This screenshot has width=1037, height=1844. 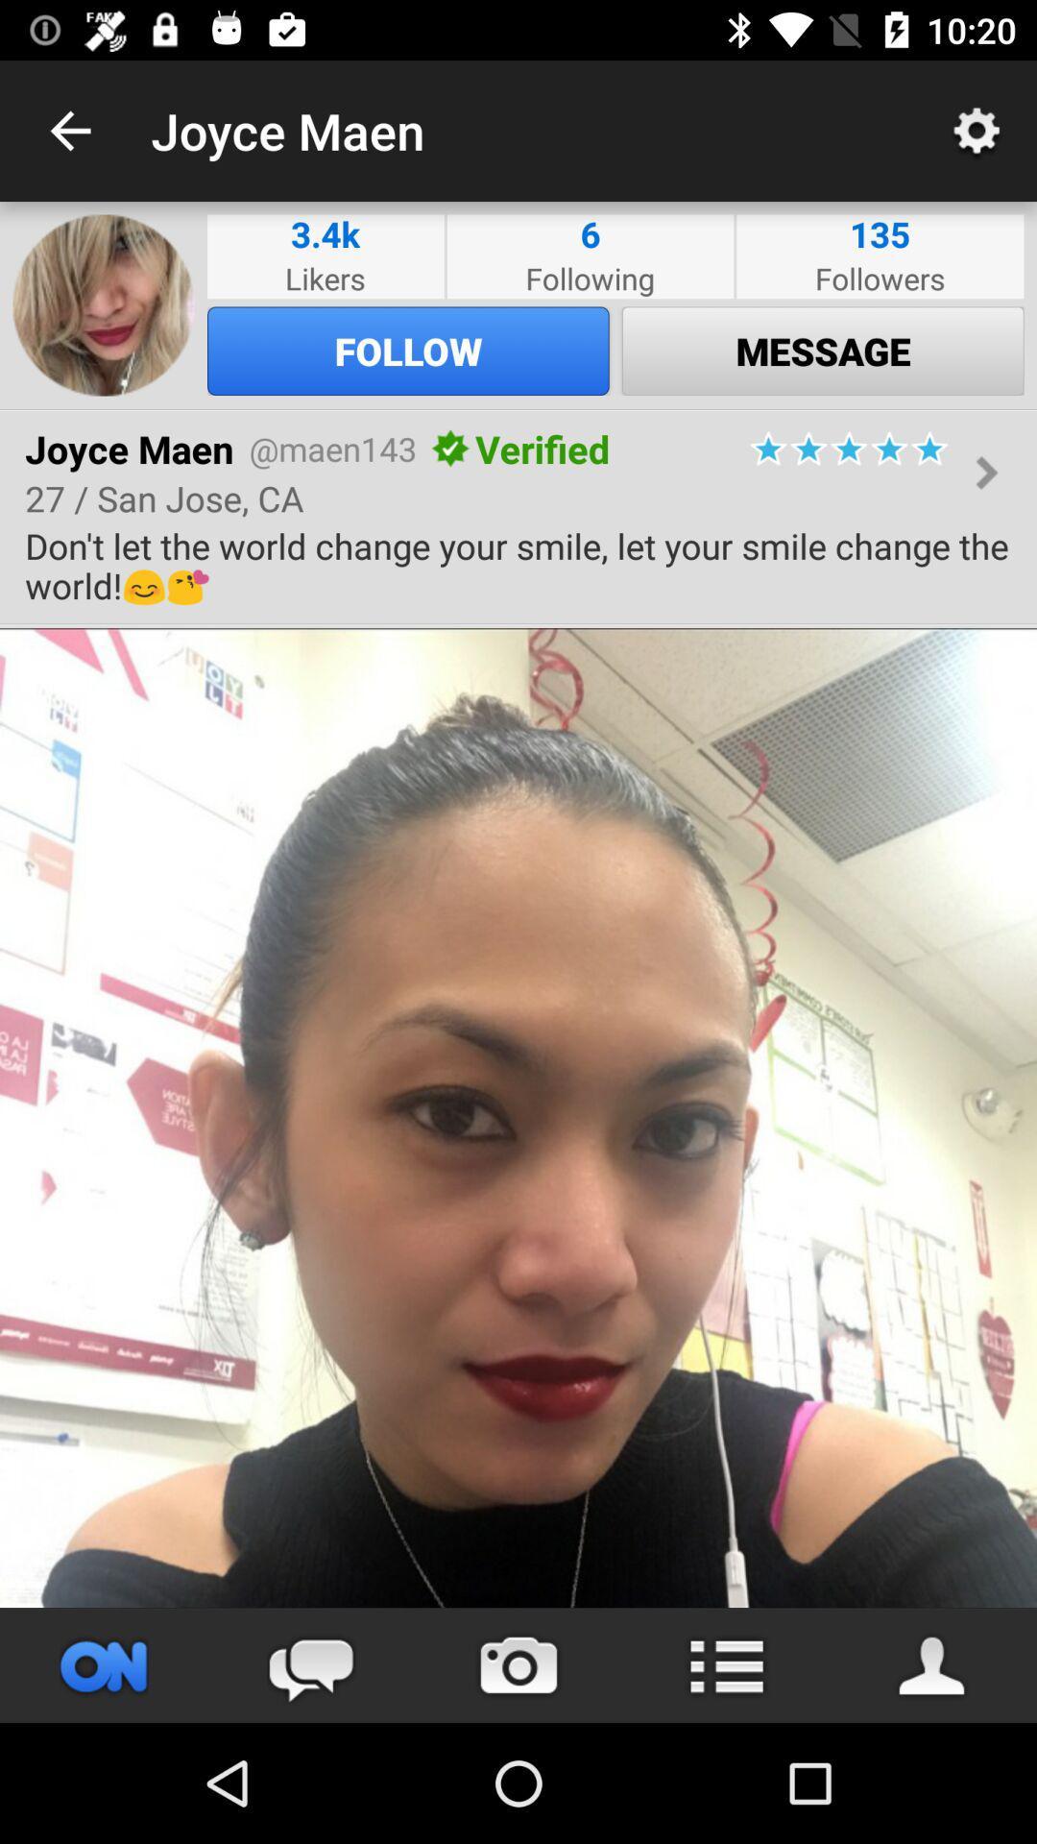 What do you see at coordinates (407, 351) in the screenshot?
I see `the follow item` at bounding box center [407, 351].